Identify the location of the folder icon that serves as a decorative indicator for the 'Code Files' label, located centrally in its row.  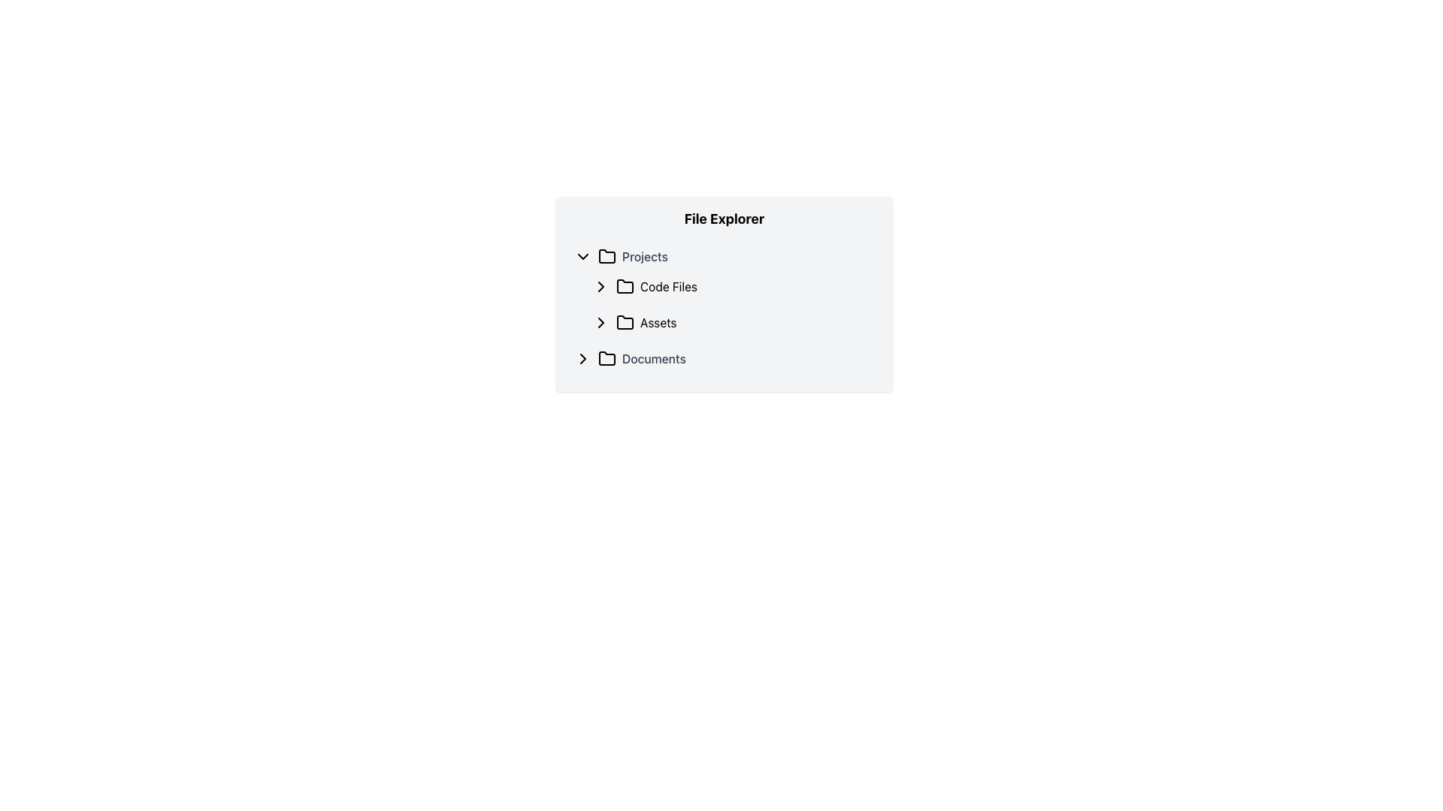
(625, 286).